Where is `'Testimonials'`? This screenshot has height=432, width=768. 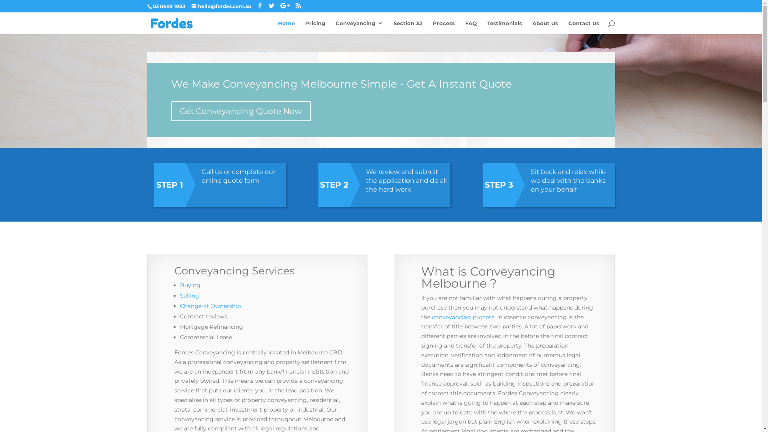 'Testimonials' is located at coordinates (504, 27).